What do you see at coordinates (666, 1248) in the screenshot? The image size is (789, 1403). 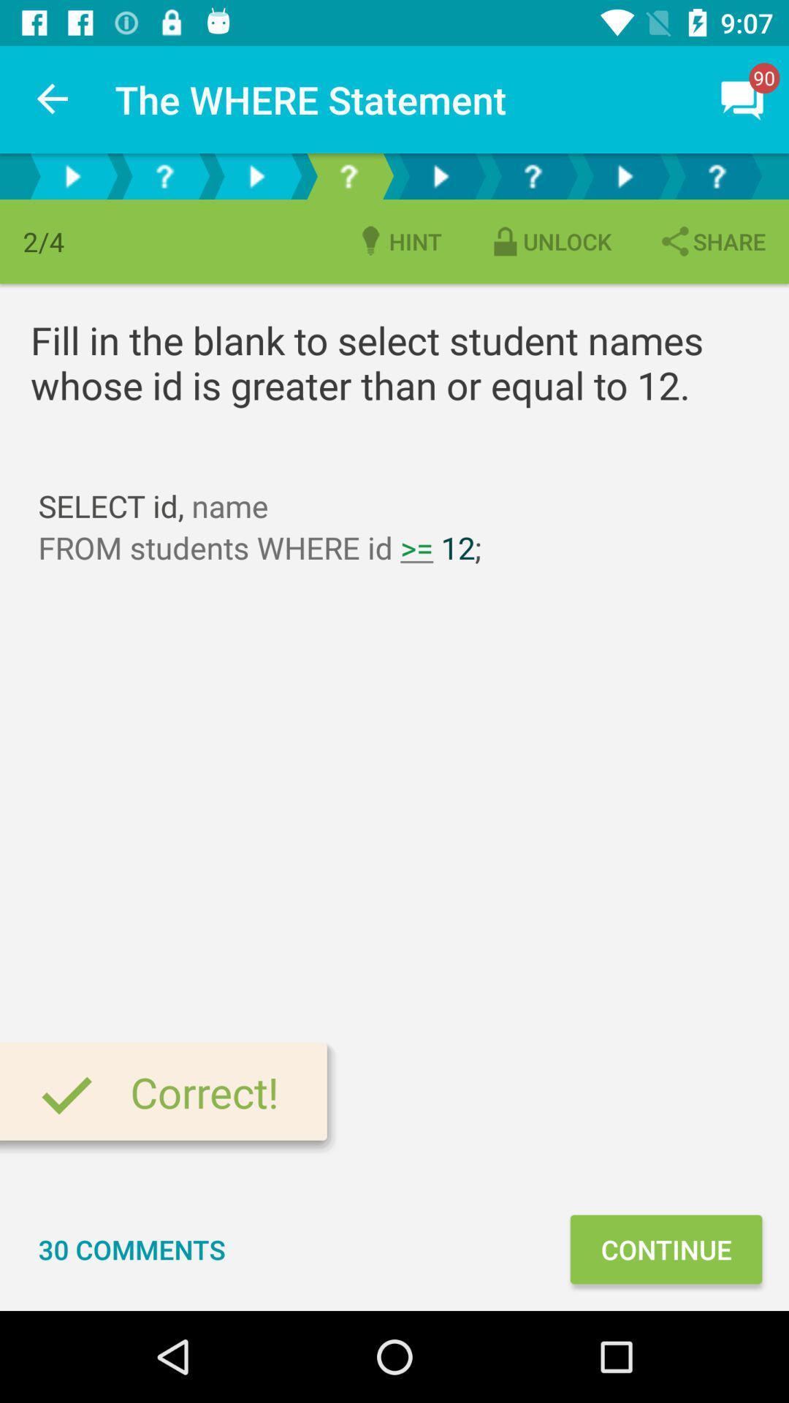 I see `continue` at bounding box center [666, 1248].